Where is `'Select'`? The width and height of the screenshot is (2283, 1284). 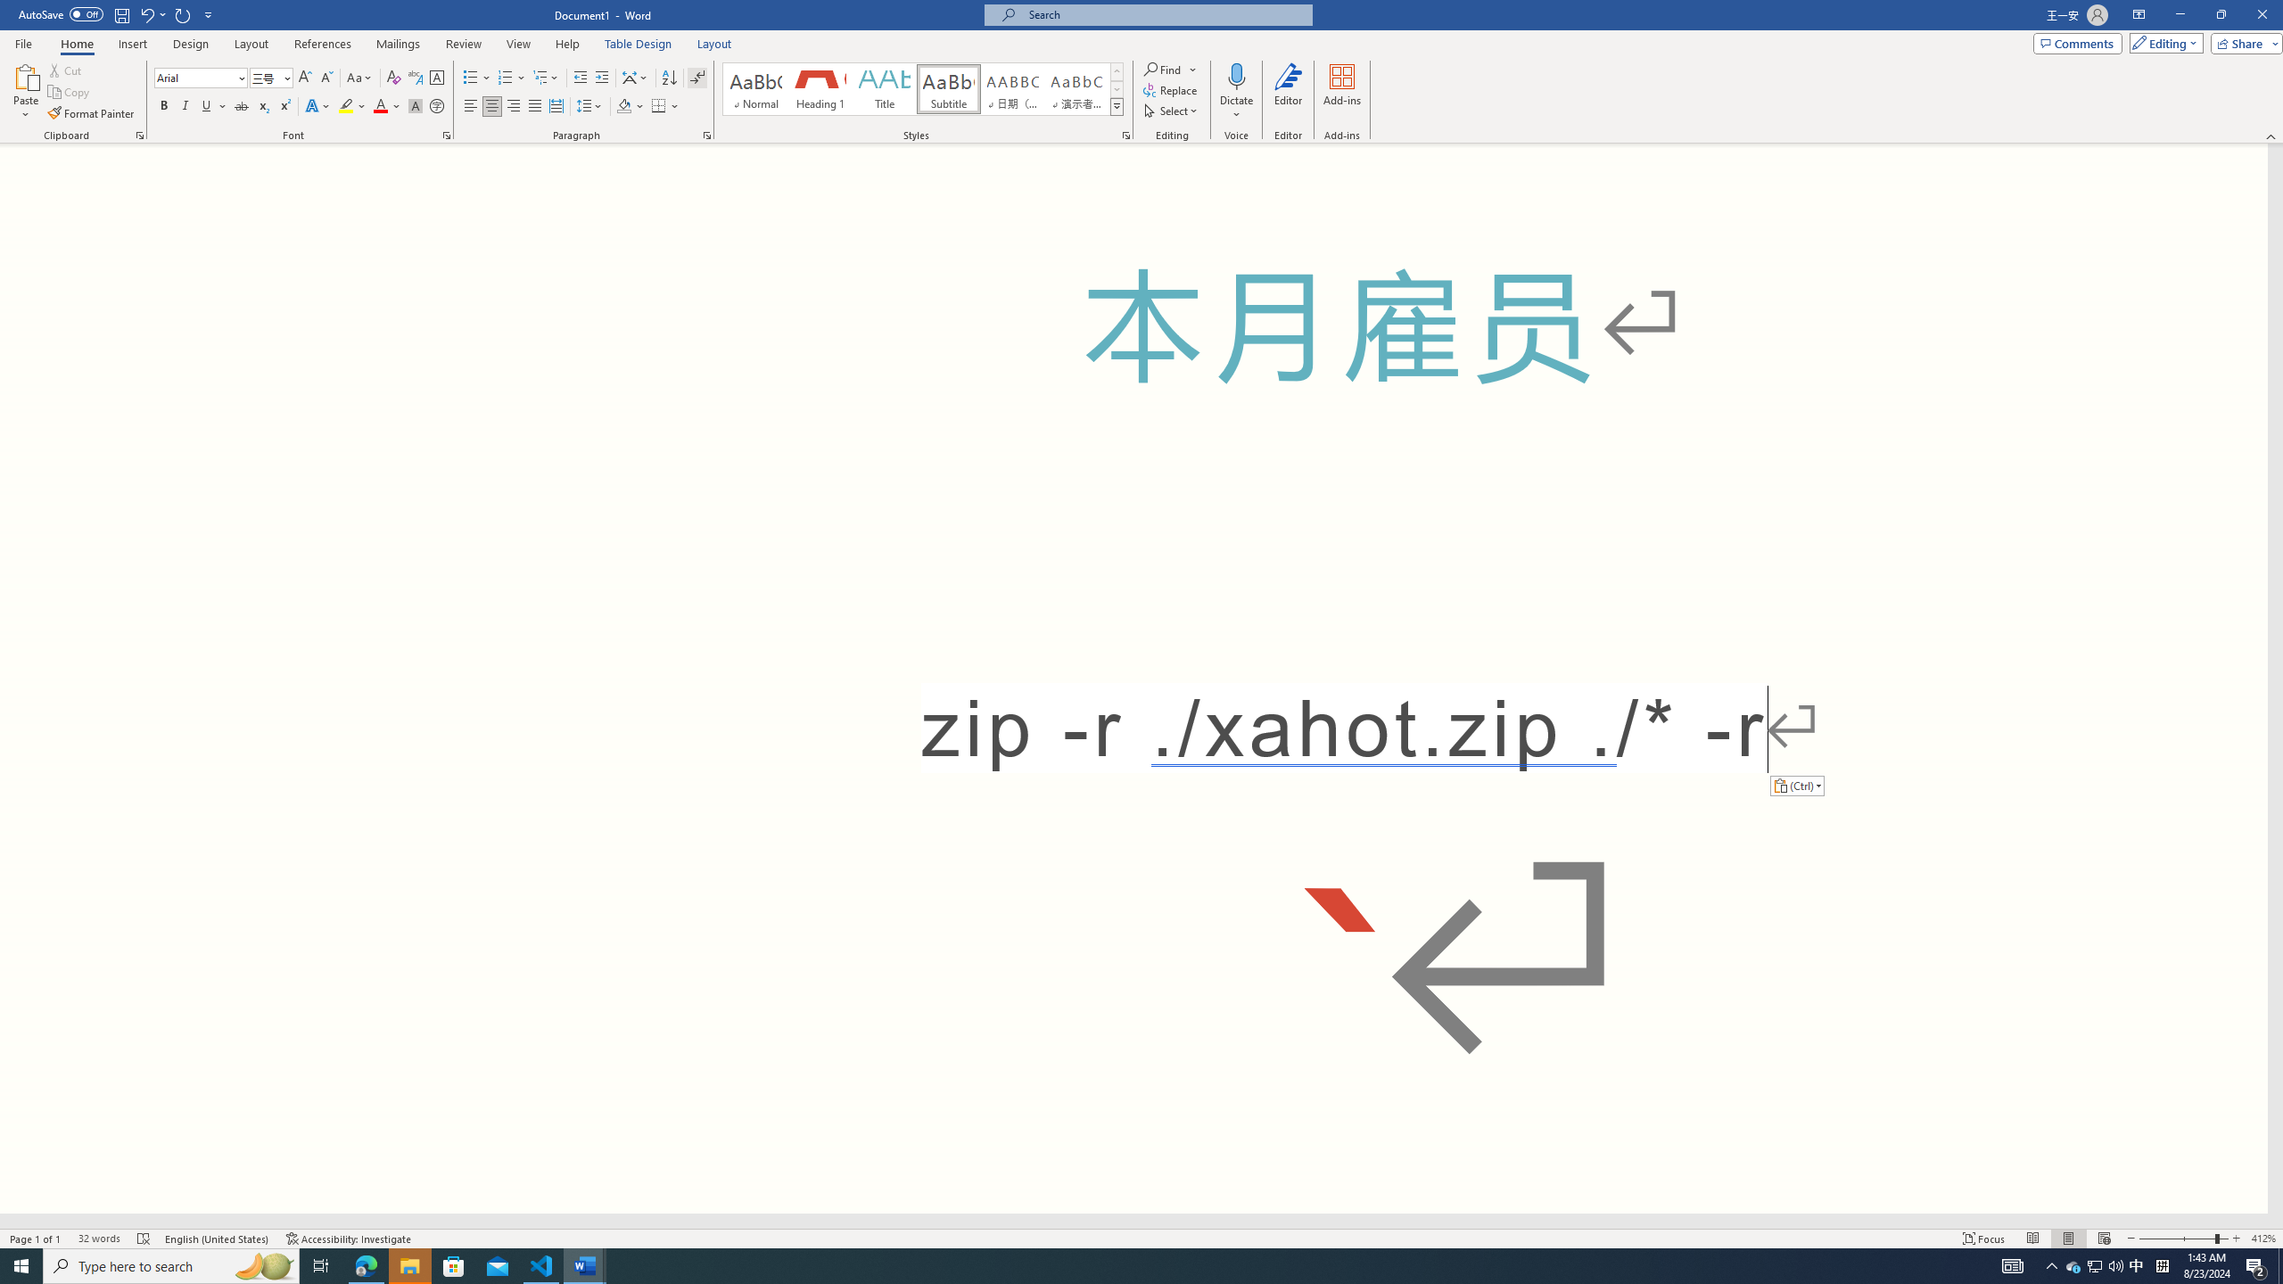
'Select' is located at coordinates (1171, 109).